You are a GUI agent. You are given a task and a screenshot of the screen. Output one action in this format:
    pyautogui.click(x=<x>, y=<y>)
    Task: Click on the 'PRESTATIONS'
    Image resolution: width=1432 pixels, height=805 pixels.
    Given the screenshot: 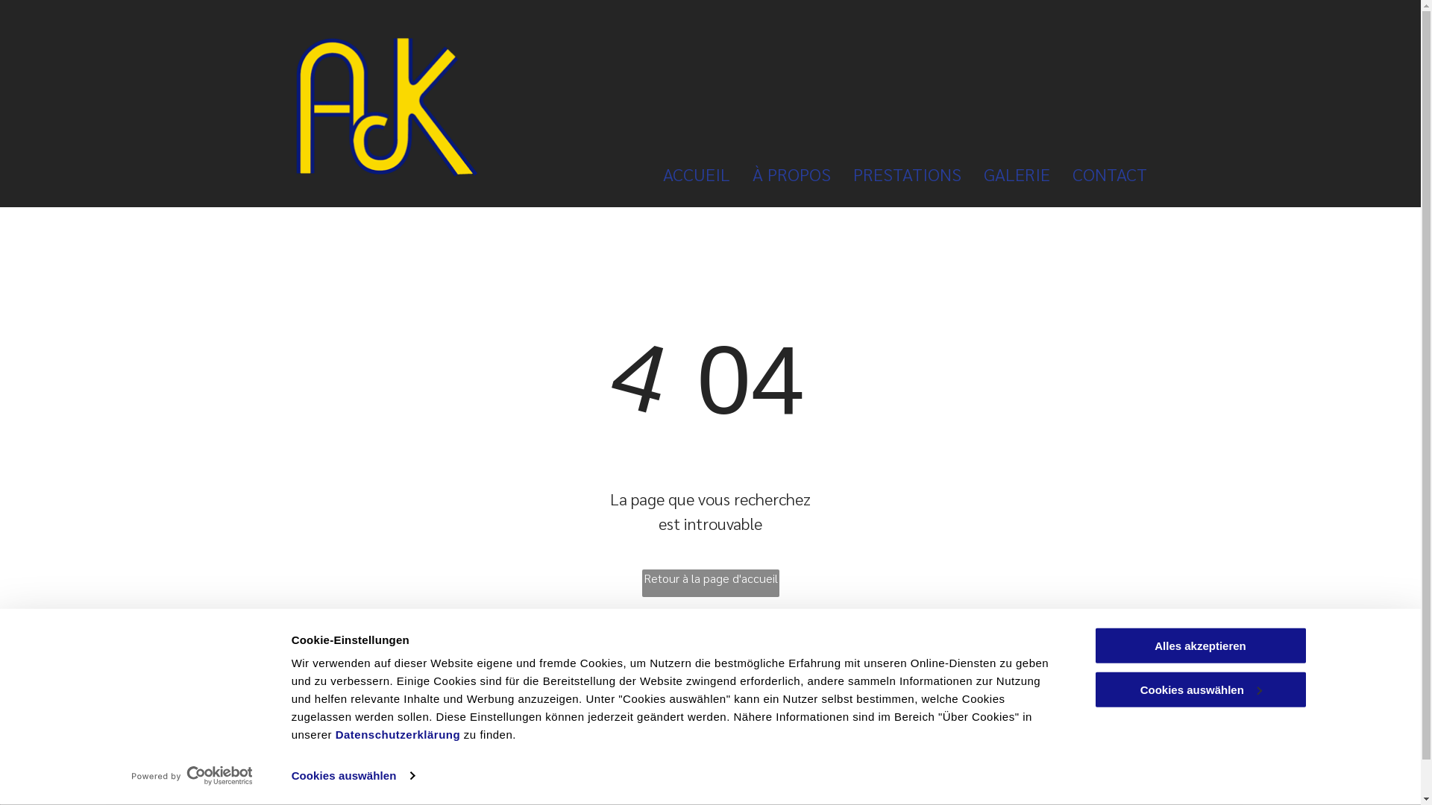 What is the action you would take?
    pyautogui.click(x=895, y=172)
    